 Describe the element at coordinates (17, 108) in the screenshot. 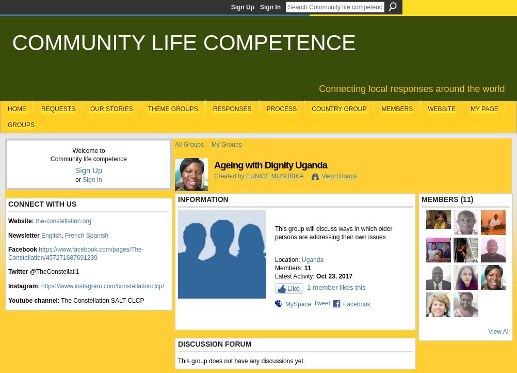

I see `'Home'` at that location.